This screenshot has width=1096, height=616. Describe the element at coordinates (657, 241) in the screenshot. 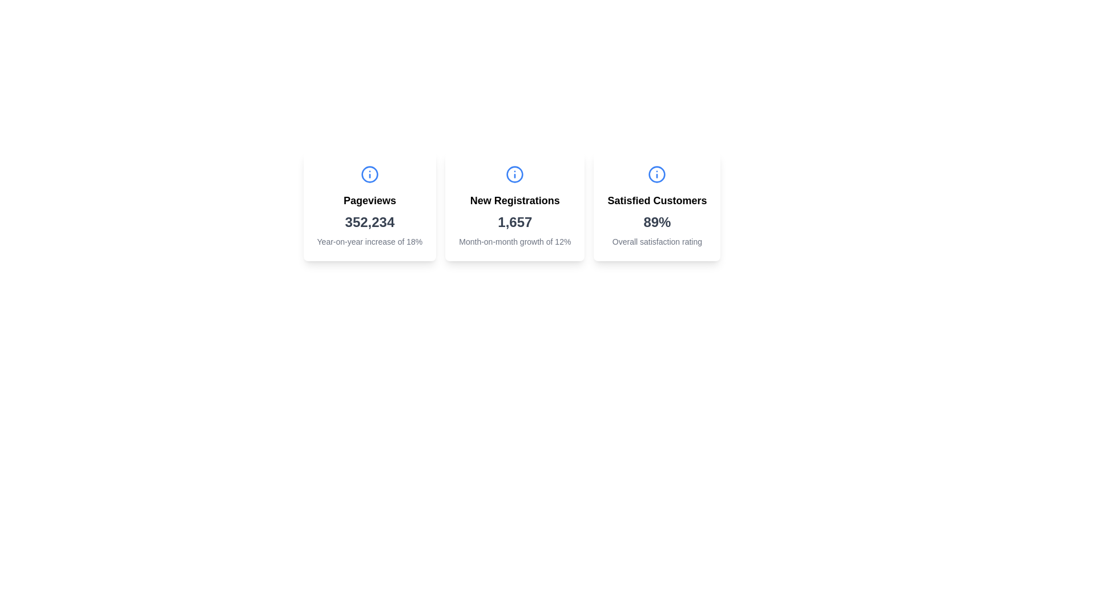

I see `the static text label displaying 'Overall satisfaction rating'` at that location.